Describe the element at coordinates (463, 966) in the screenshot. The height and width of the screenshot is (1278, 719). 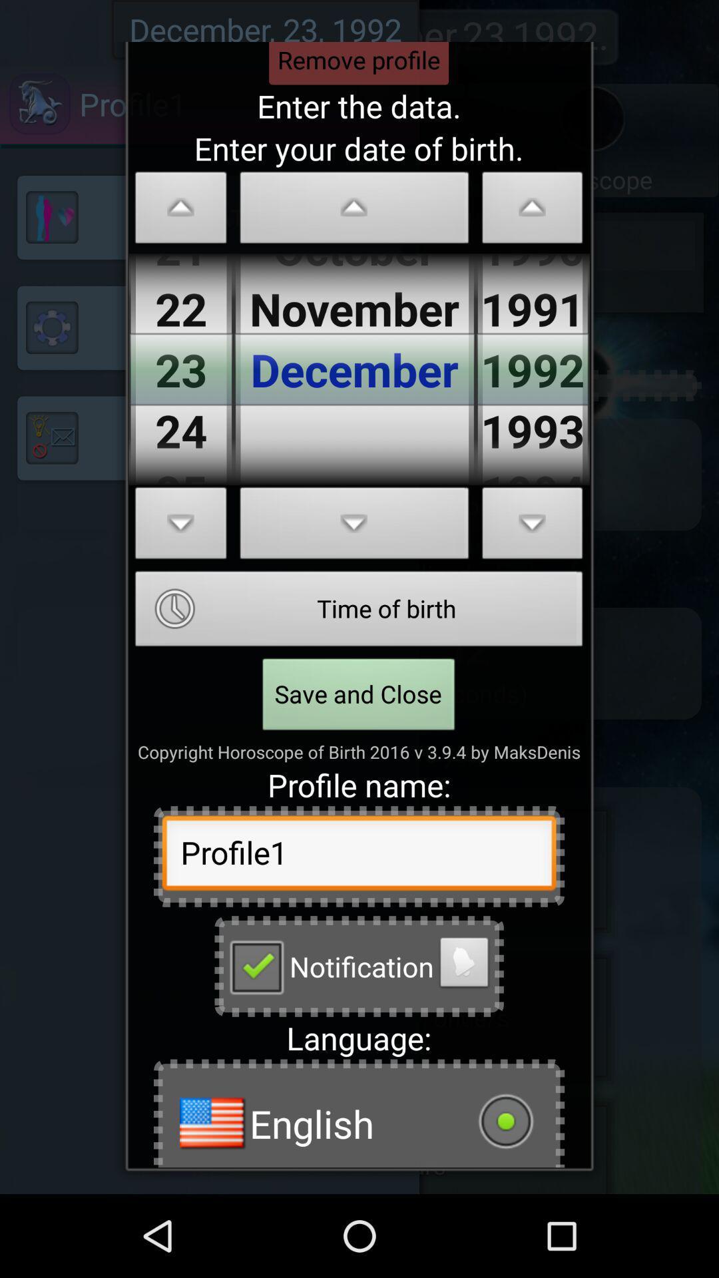
I see `turn notifications on` at that location.